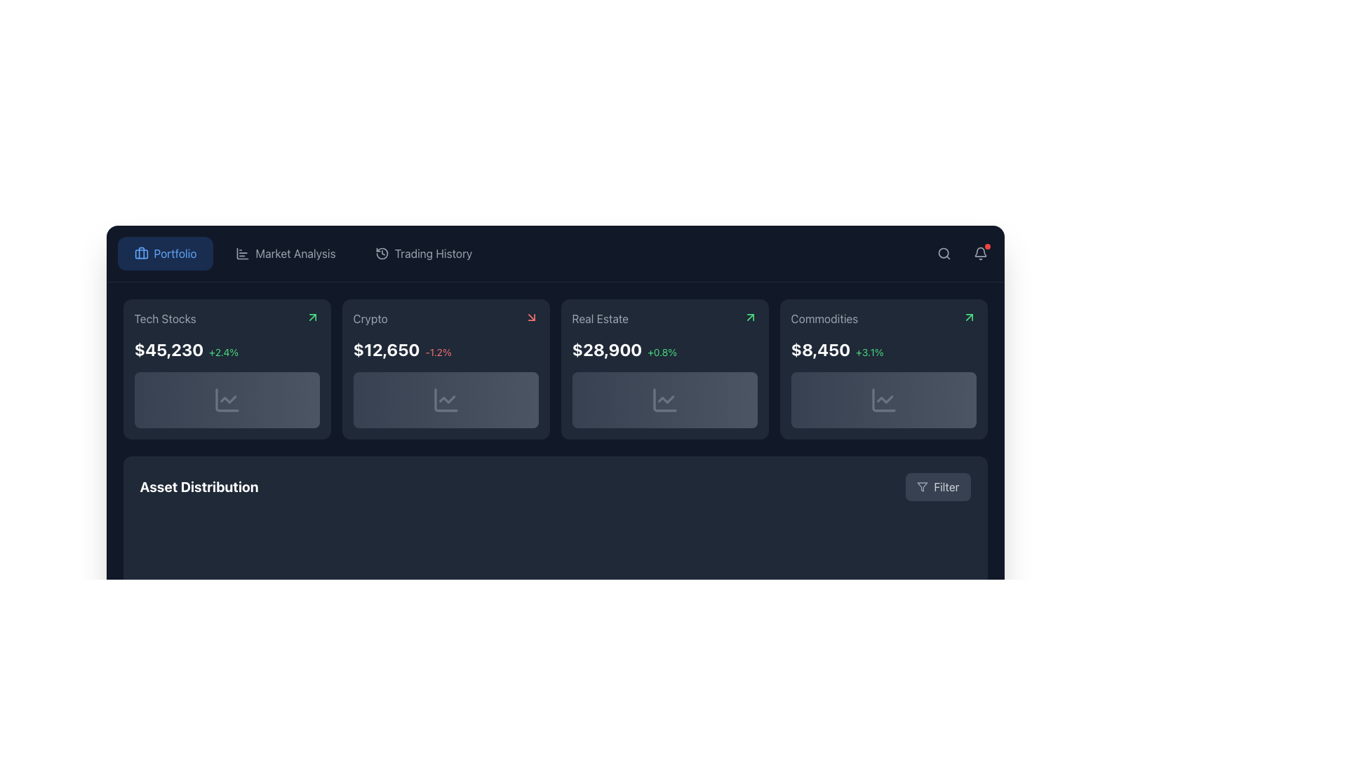  Describe the element at coordinates (445, 400) in the screenshot. I see `the graphical icon representing the trend of the Crypto financial category, located at the bottom center of the second card from the left` at that location.